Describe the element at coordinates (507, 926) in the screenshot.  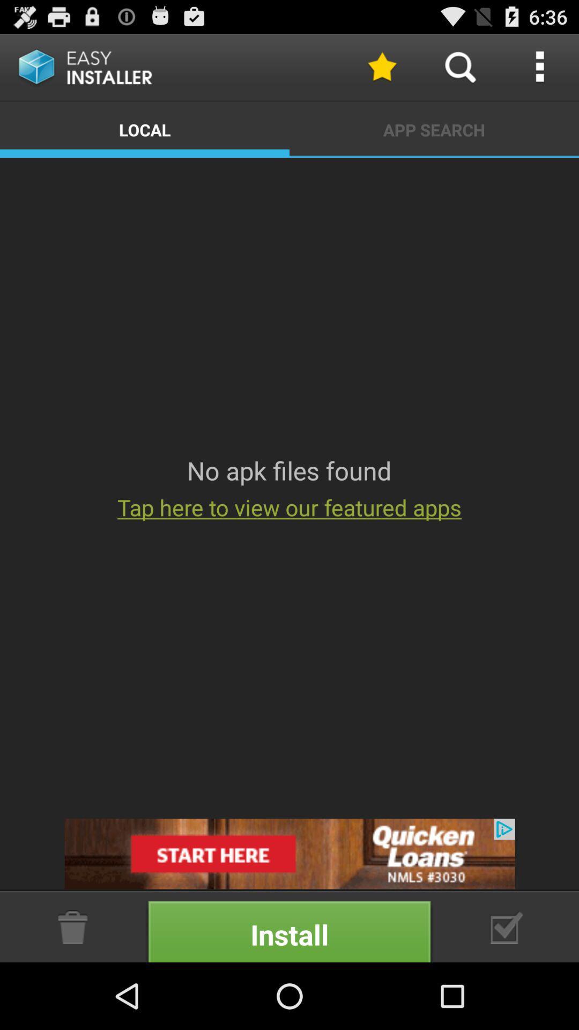
I see `adventisment page` at that location.